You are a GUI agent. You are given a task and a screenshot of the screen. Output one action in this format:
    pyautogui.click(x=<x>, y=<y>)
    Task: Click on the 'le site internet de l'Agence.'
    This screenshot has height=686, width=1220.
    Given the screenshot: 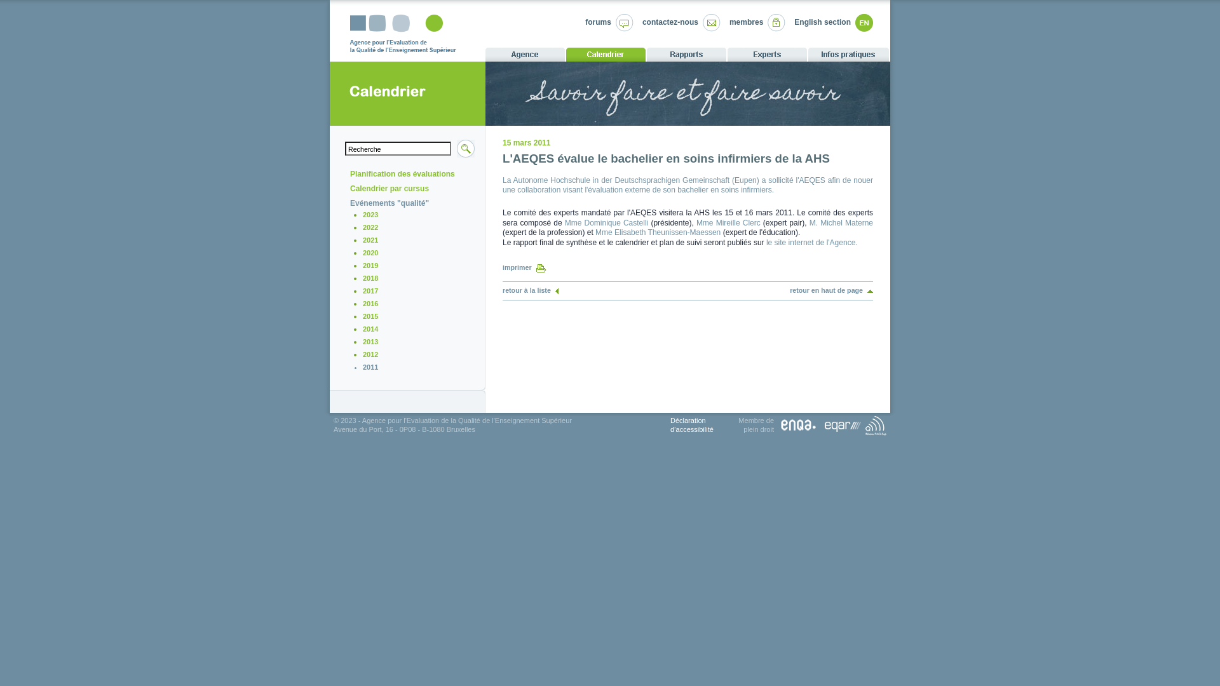 What is the action you would take?
    pyautogui.click(x=811, y=242)
    